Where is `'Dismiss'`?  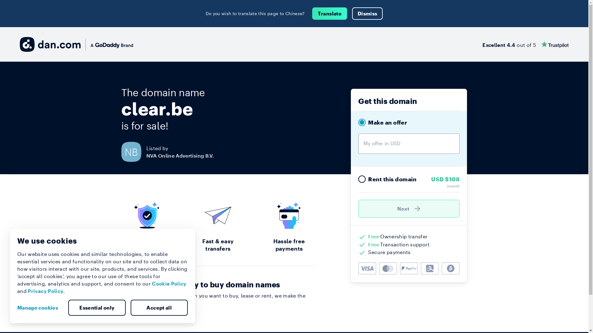 'Dismiss' is located at coordinates (367, 13).